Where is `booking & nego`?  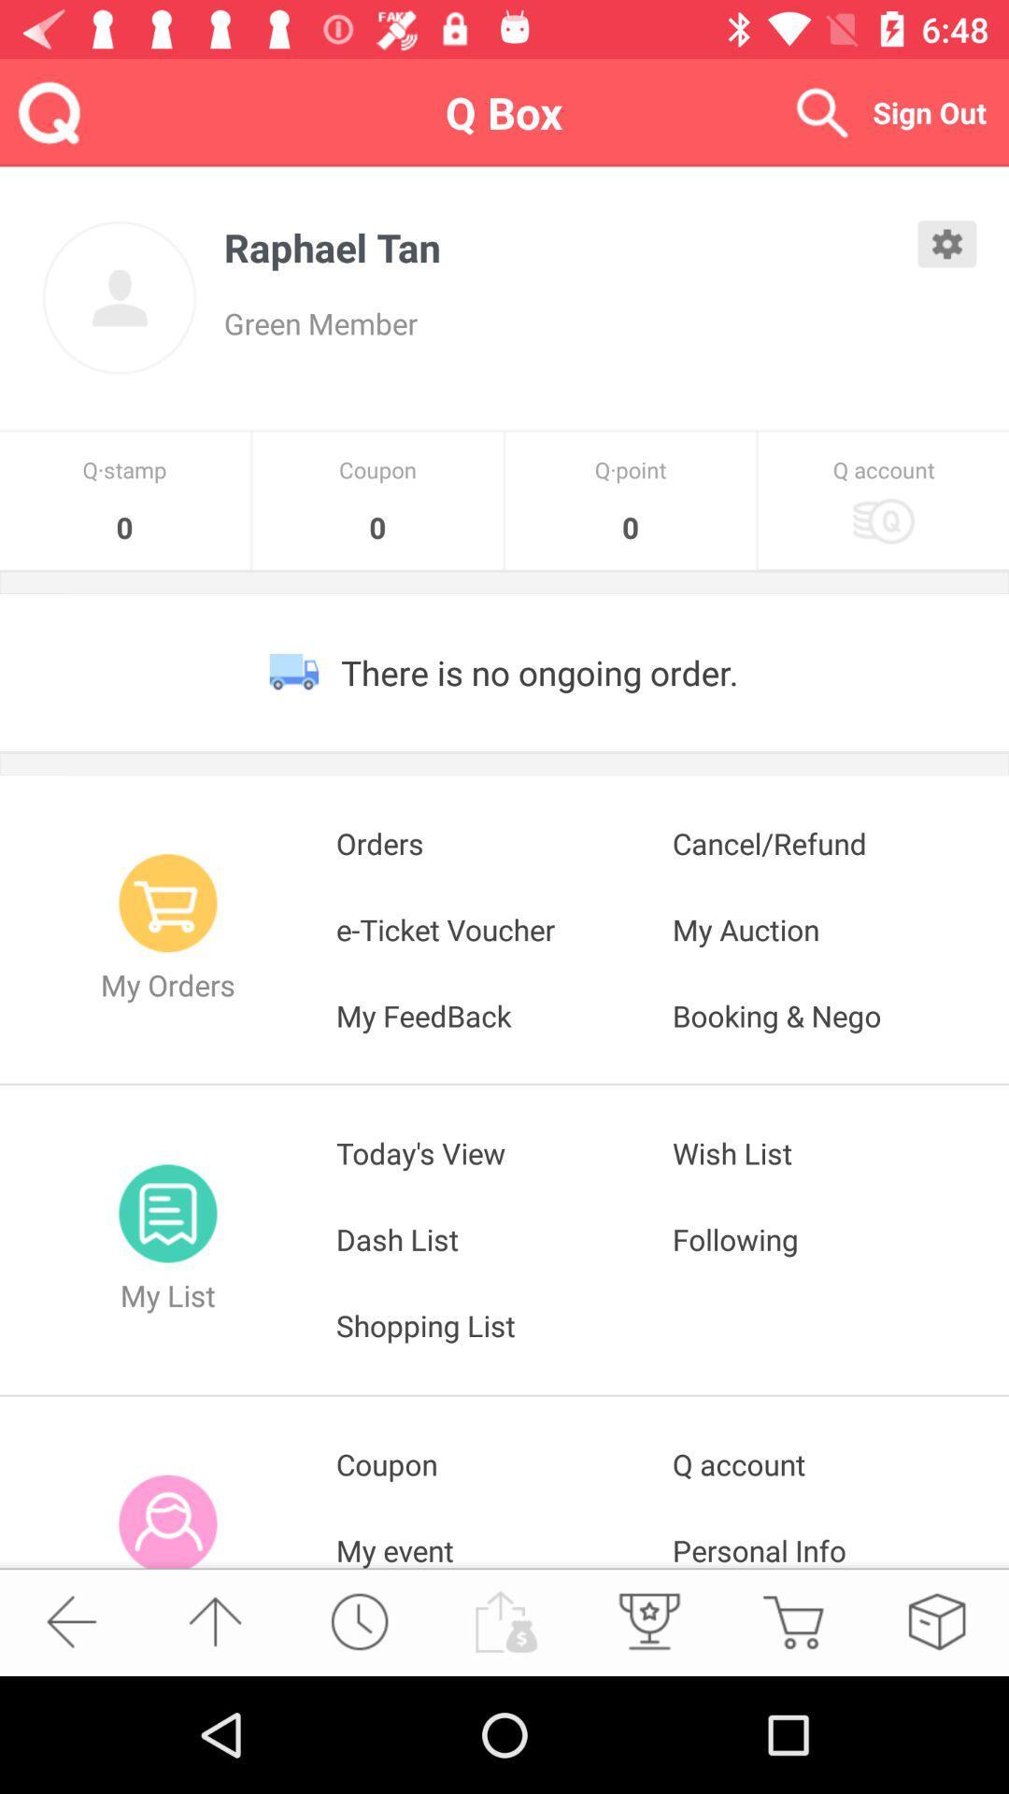 booking & nego is located at coordinates (839, 1015).